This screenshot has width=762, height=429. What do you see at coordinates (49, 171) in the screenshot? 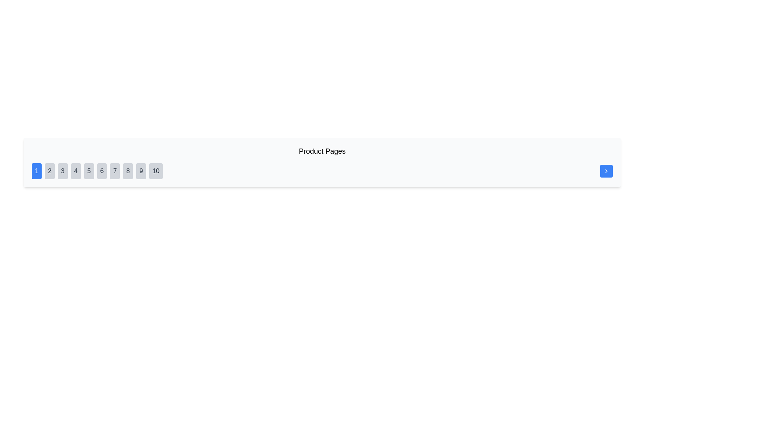
I see `the second paginator button labeled '2'` at bounding box center [49, 171].